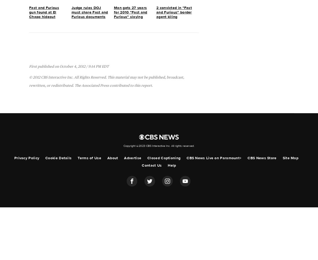 This screenshot has width=318, height=260. What do you see at coordinates (159, 146) in the screenshot?
I see `'Copyright ©2023 CBS Interactive Inc. All rights reserved.'` at bounding box center [159, 146].